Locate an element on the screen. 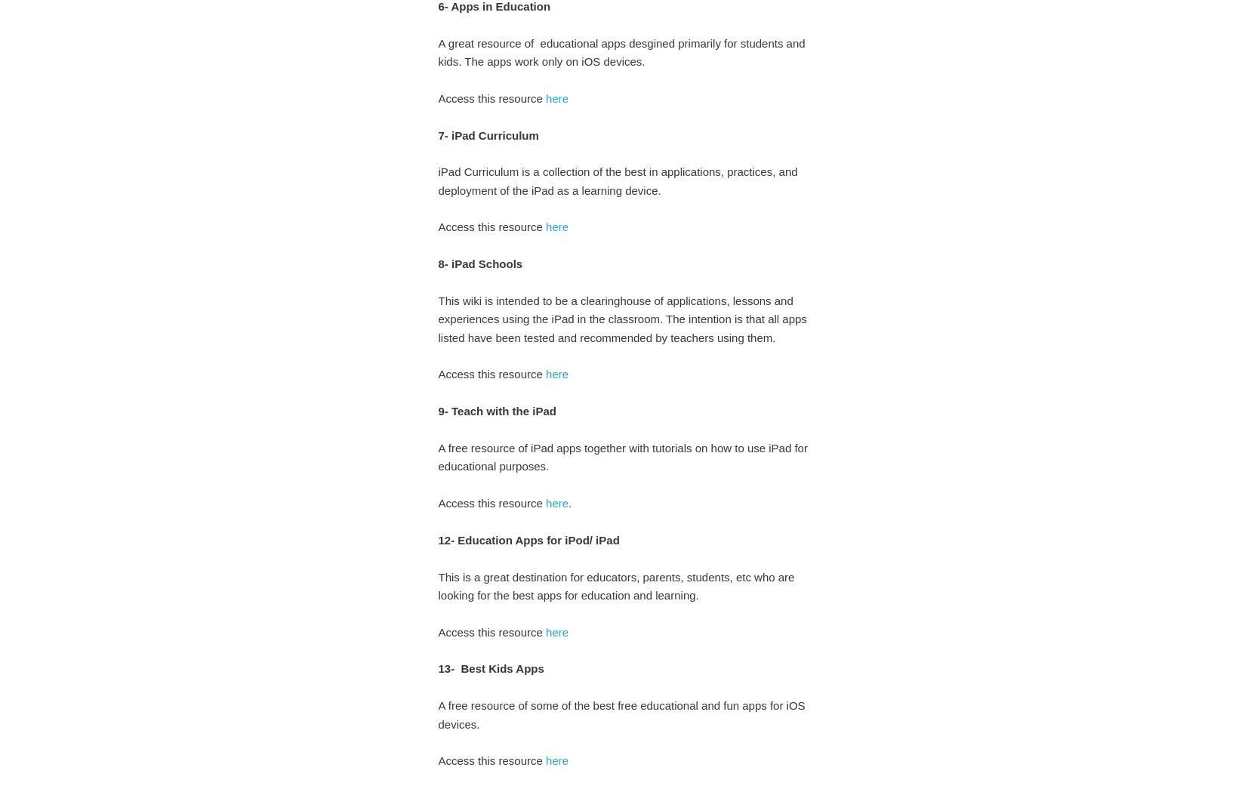 The width and height of the screenshot is (1251, 789). '12- Education Apps for iPod/ iPad' is located at coordinates (437, 538).